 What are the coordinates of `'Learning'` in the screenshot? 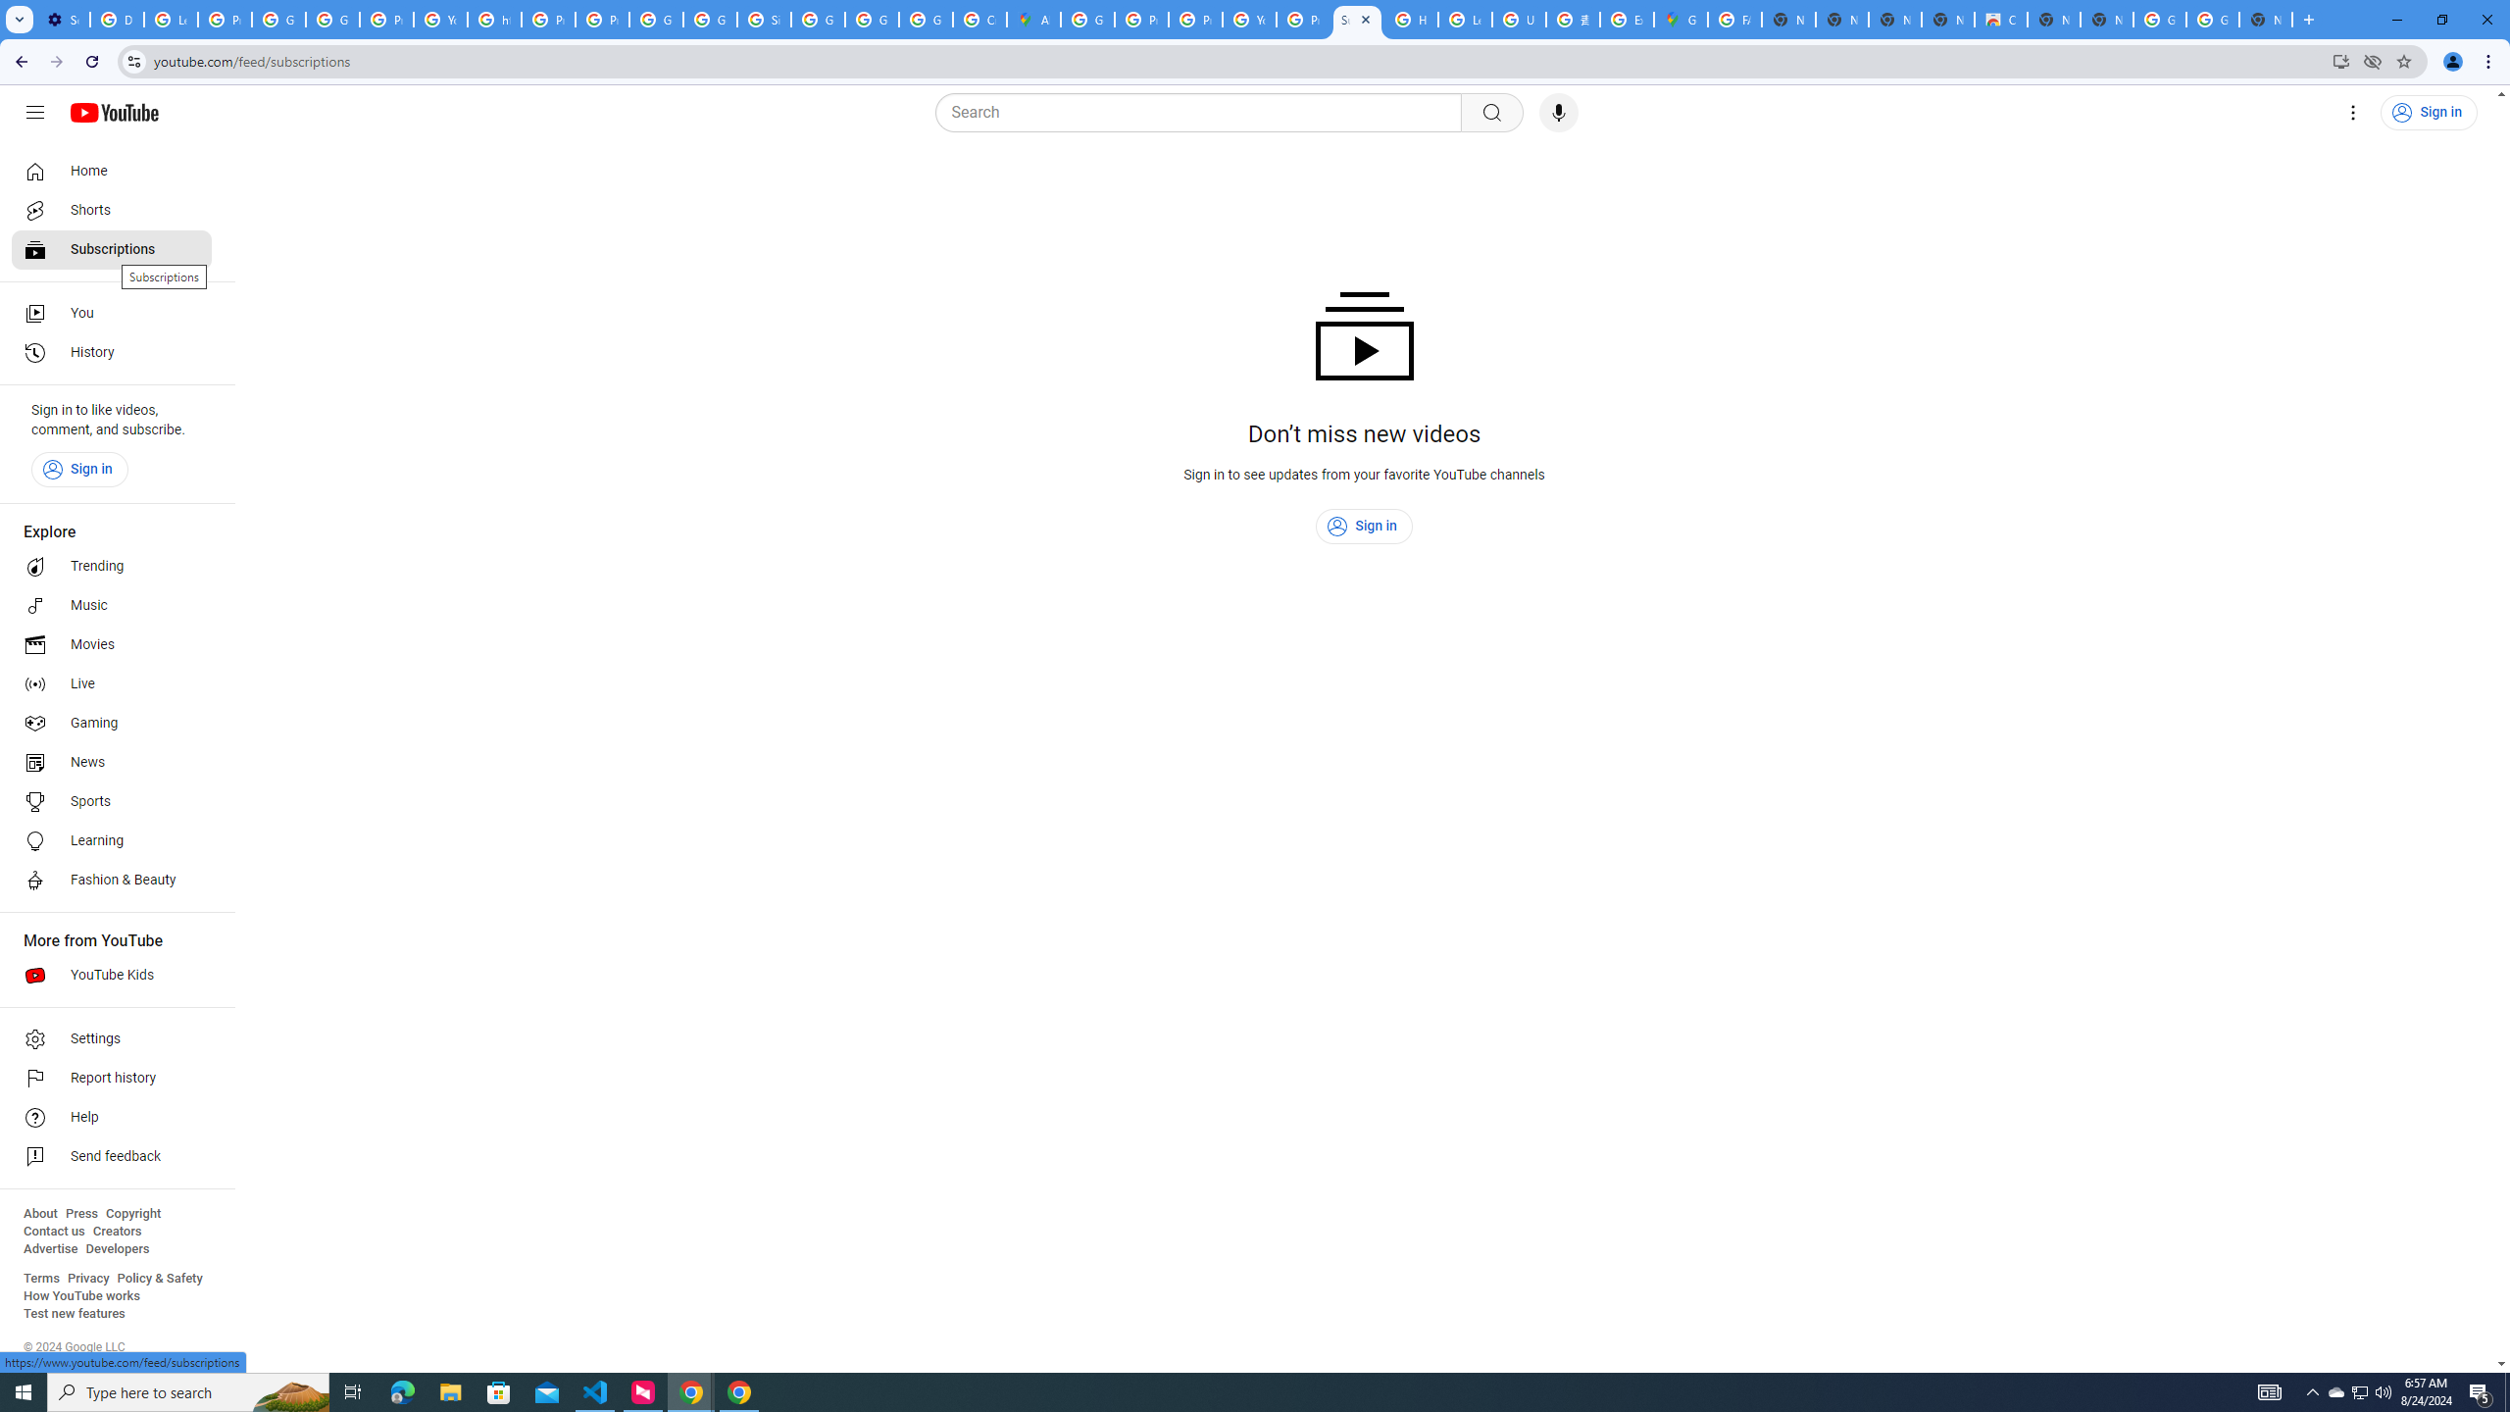 It's located at (111, 840).